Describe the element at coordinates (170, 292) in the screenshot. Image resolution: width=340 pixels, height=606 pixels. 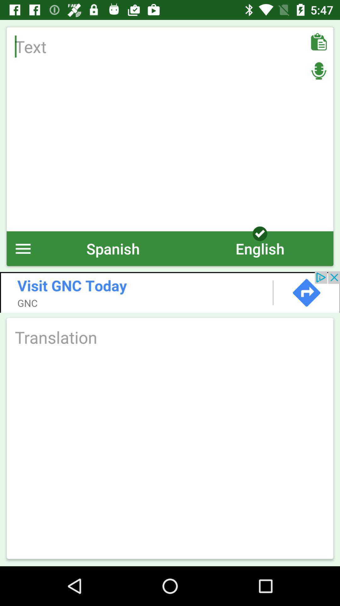
I see `advertisement` at that location.